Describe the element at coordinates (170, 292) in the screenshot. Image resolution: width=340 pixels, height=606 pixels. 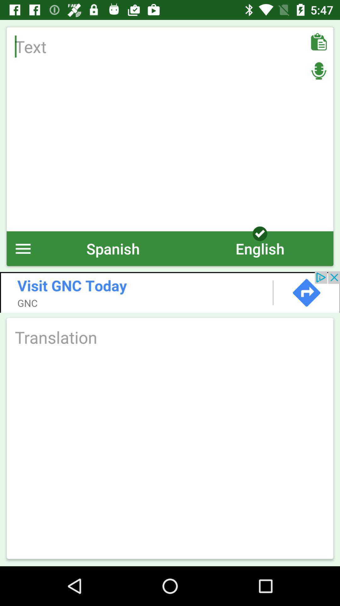
I see `advertisement` at that location.